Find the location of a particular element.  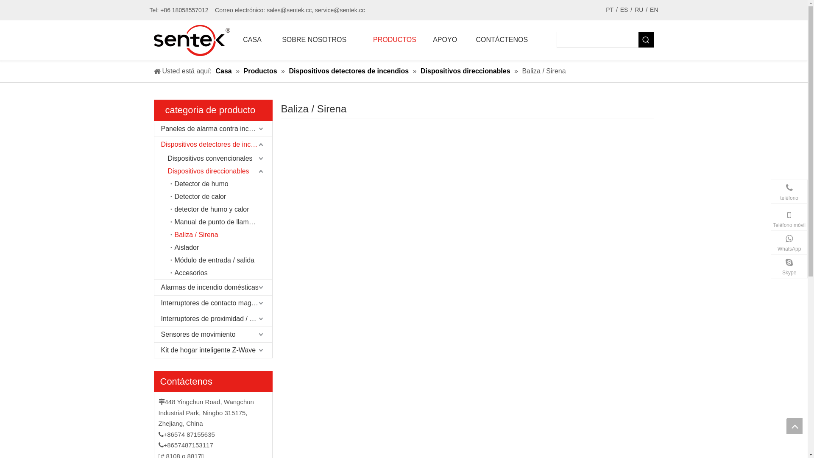

'Aislador' is located at coordinates (221, 247).